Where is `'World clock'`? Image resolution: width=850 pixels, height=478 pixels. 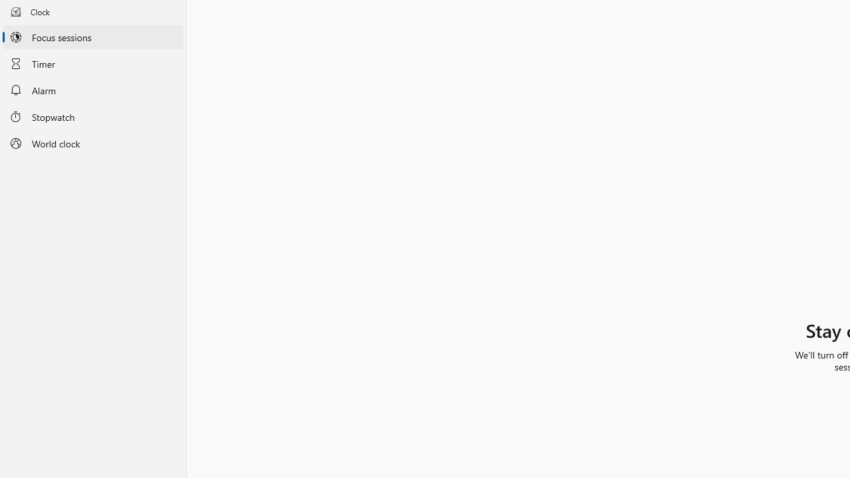 'World clock' is located at coordinates (92, 143).